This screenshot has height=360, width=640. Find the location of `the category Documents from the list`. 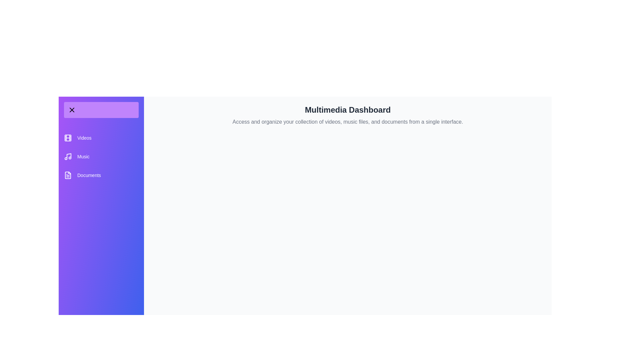

the category Documents from the list is located at coordinates (101, 175).